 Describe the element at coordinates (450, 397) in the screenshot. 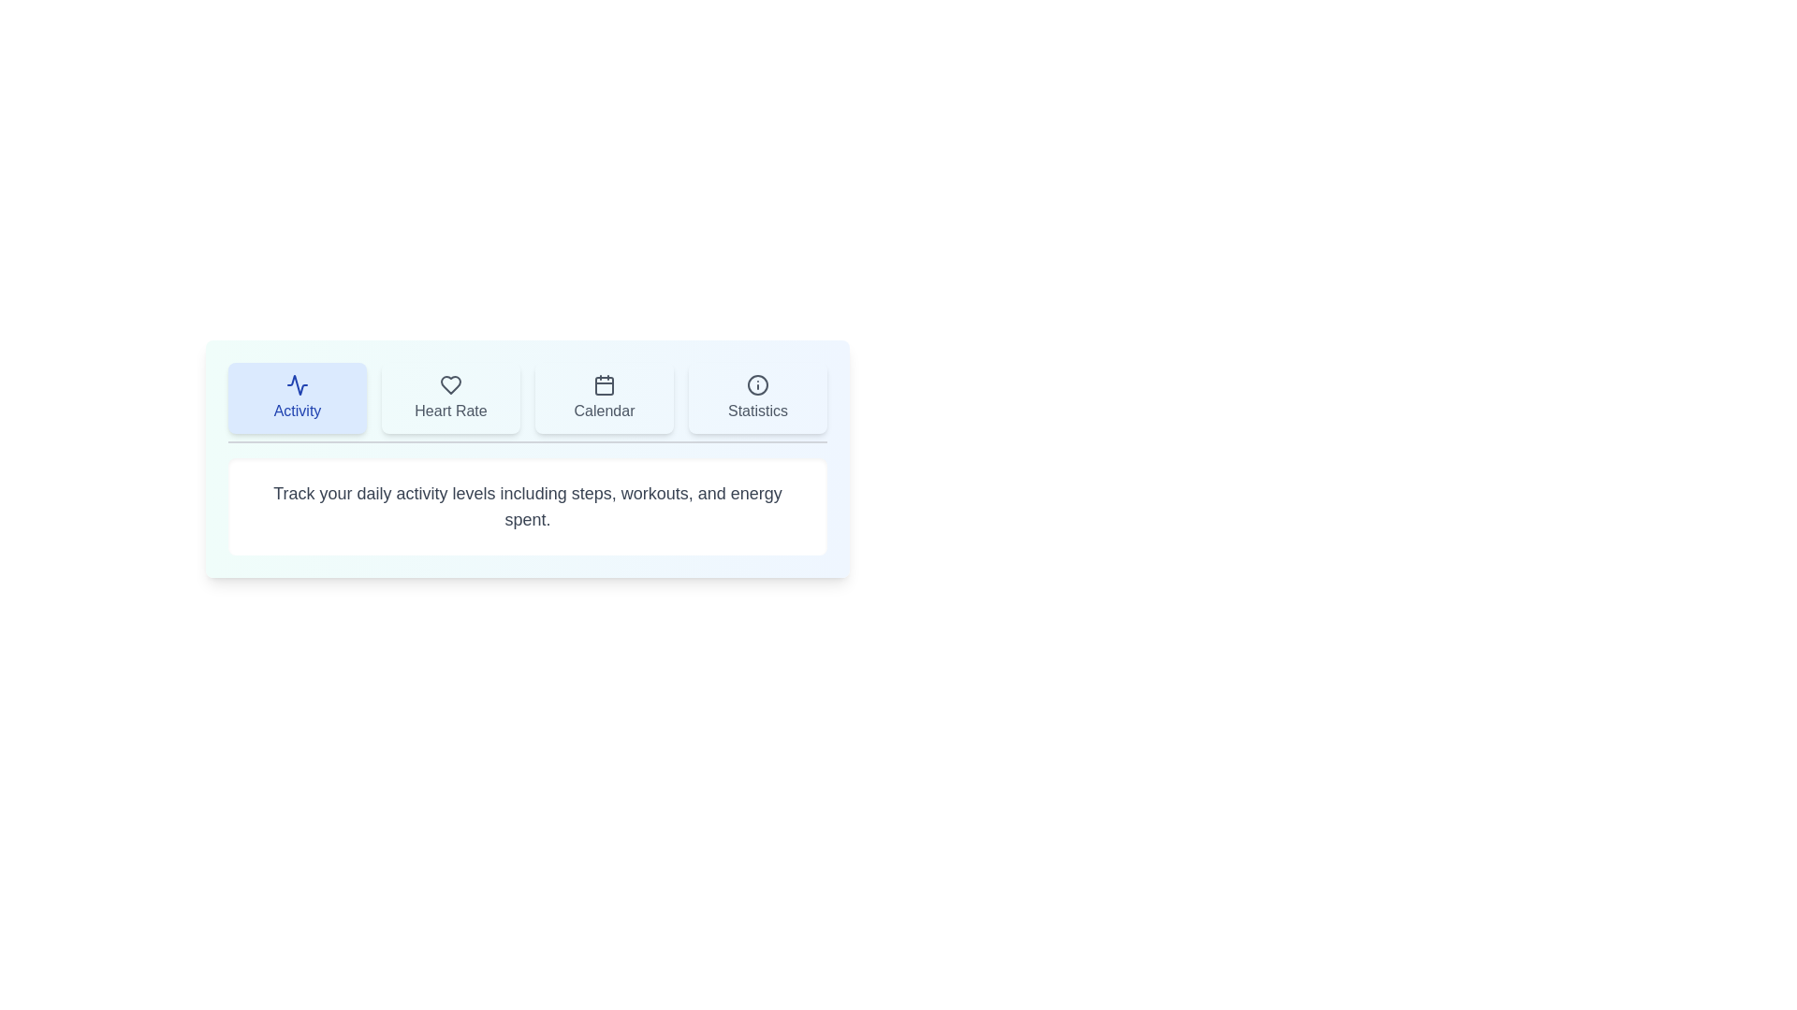

I see `the tab button labeled Heart Rate to observe its visual effects` at that location.